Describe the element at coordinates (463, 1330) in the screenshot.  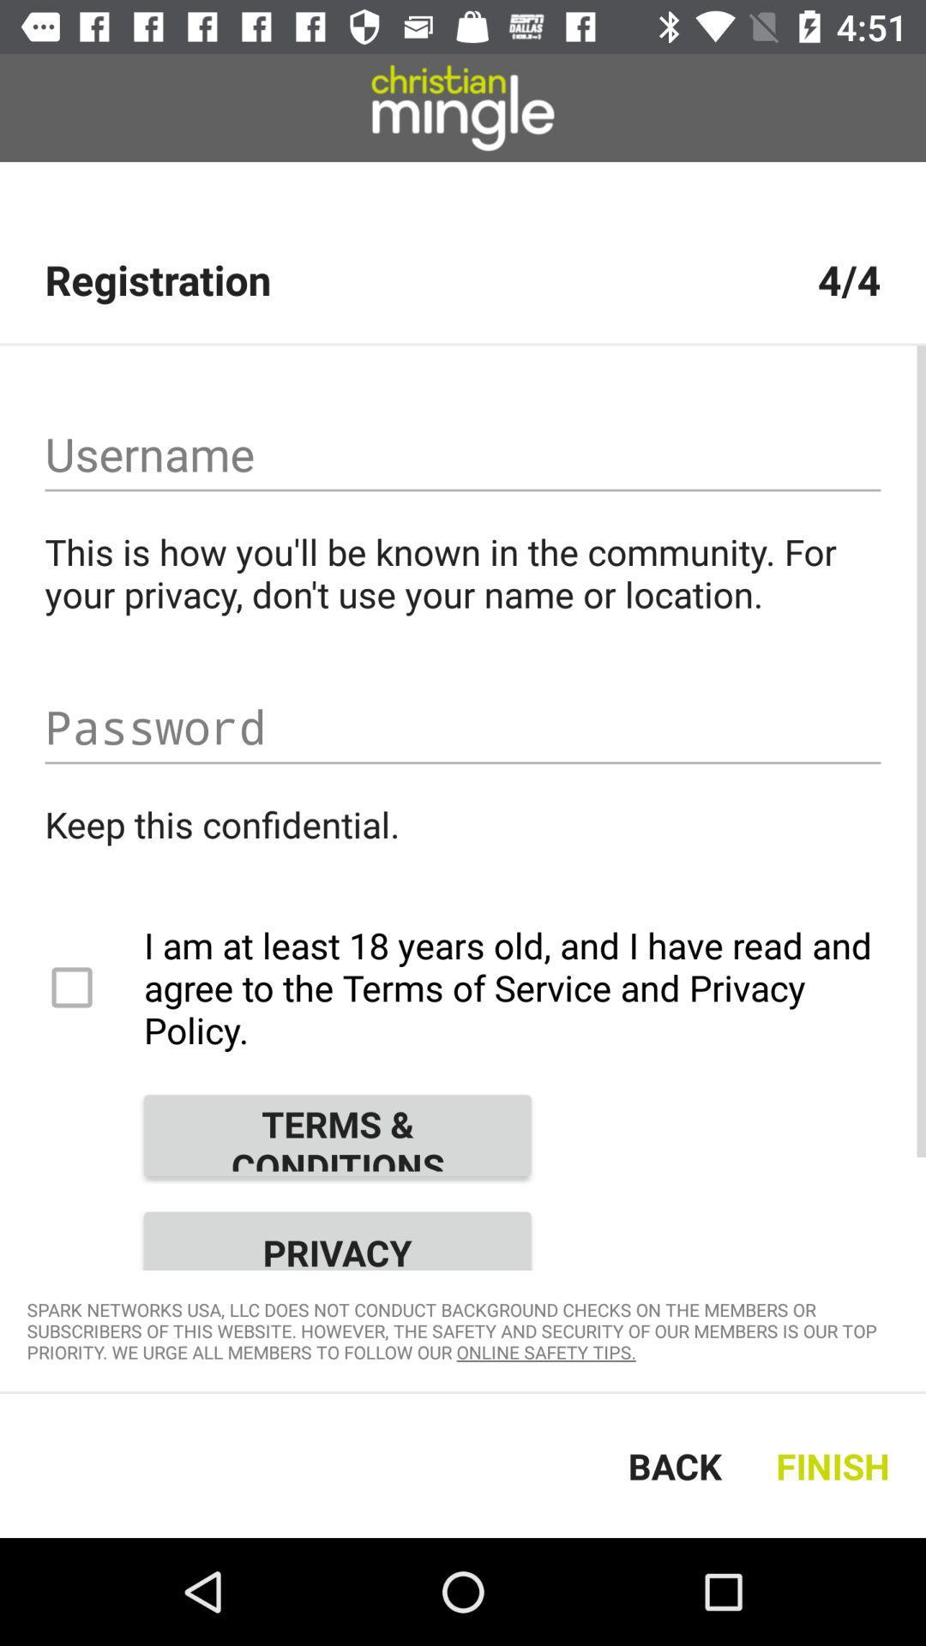
I see `the spark networks usa icon` at that location.